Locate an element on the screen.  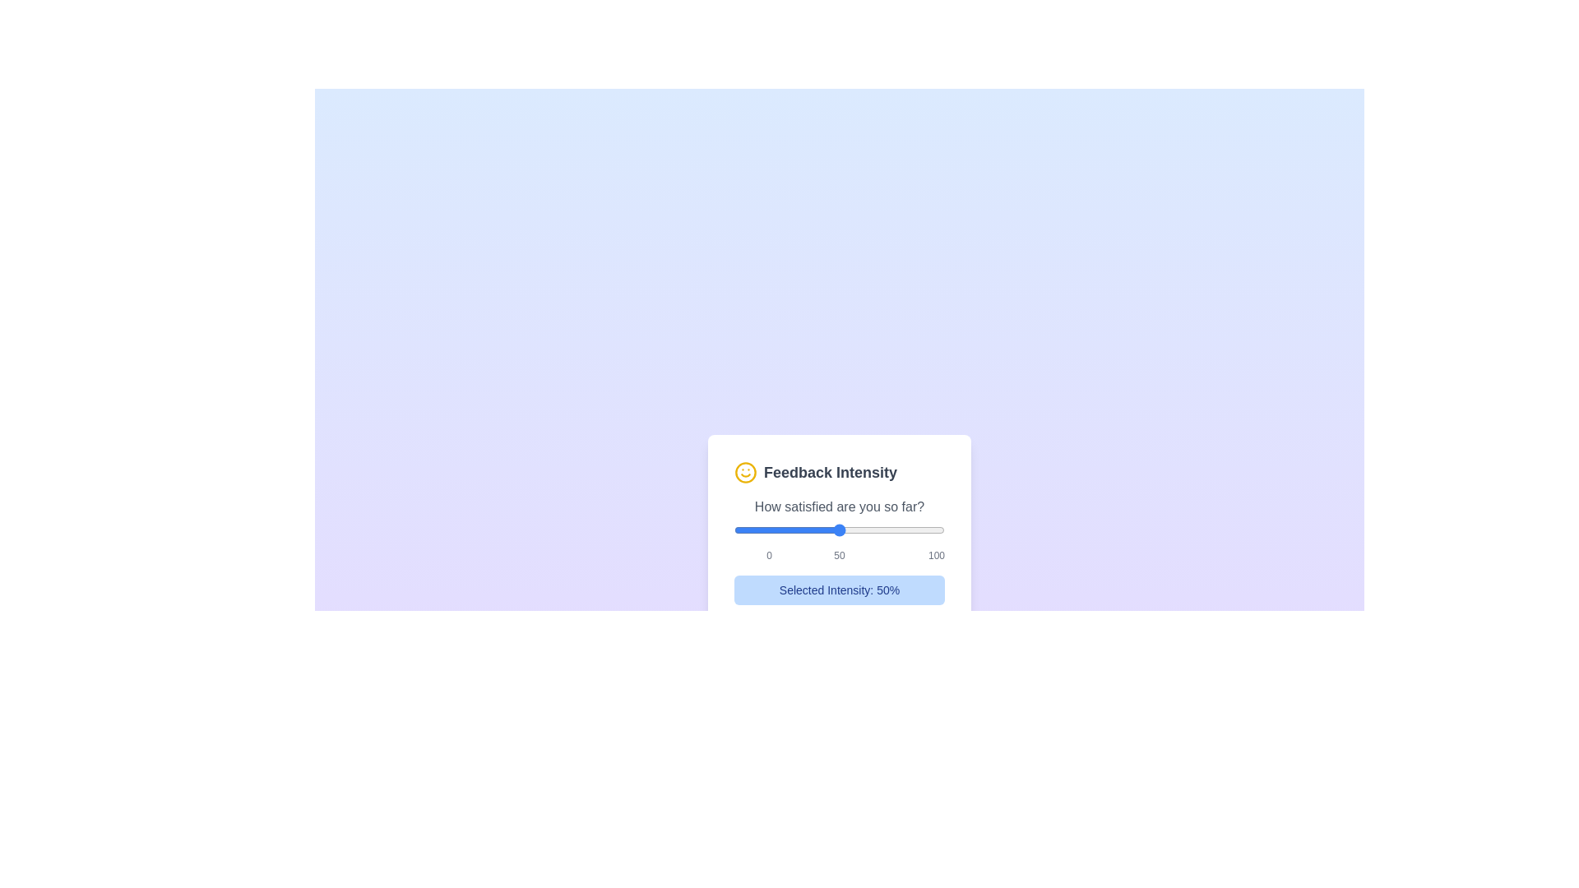
the slider to set the satisfaction value to 67 is located at coordinates (874, 530).